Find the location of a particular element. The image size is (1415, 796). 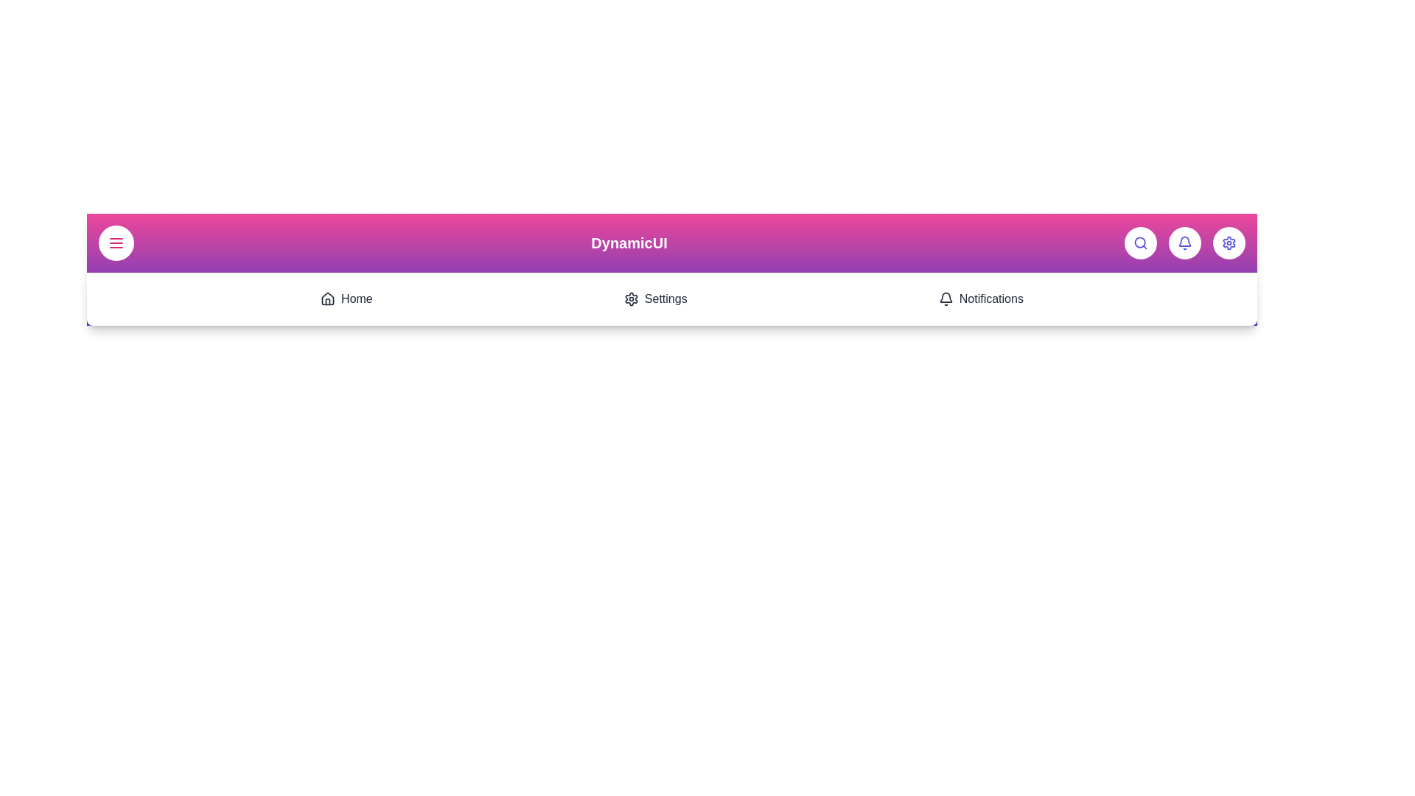

the 'Notifications' menu item is located at coordinates (980, 298).